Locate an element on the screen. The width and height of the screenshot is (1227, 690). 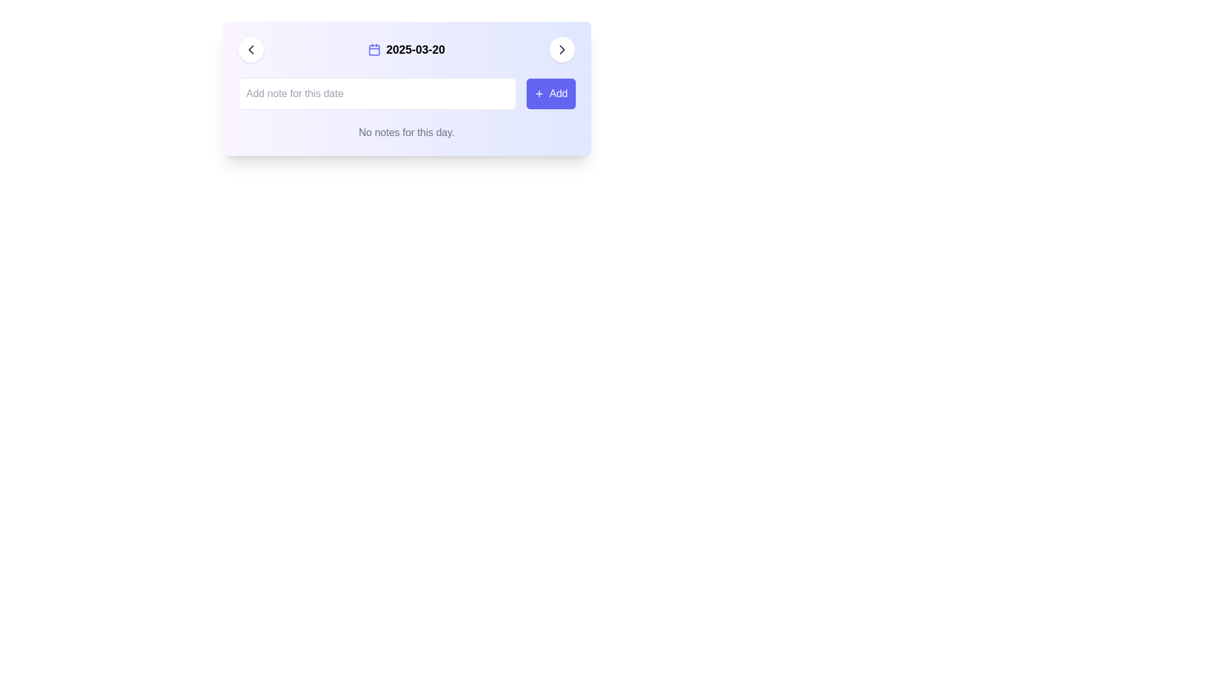
the button located in the top-right corner of the interface that allows navigation to the next date, near the date display '2025-03-20' is located at coordinates (562, 49).